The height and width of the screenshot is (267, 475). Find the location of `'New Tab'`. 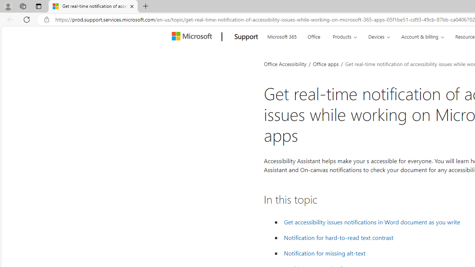

'New Tab' is located at coordinates (145, 6).